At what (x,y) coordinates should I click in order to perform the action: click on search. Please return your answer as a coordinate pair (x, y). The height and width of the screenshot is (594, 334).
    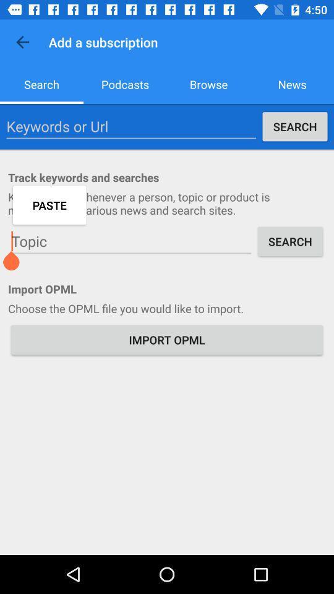
    Looking at the image, I should click on (131, 241).